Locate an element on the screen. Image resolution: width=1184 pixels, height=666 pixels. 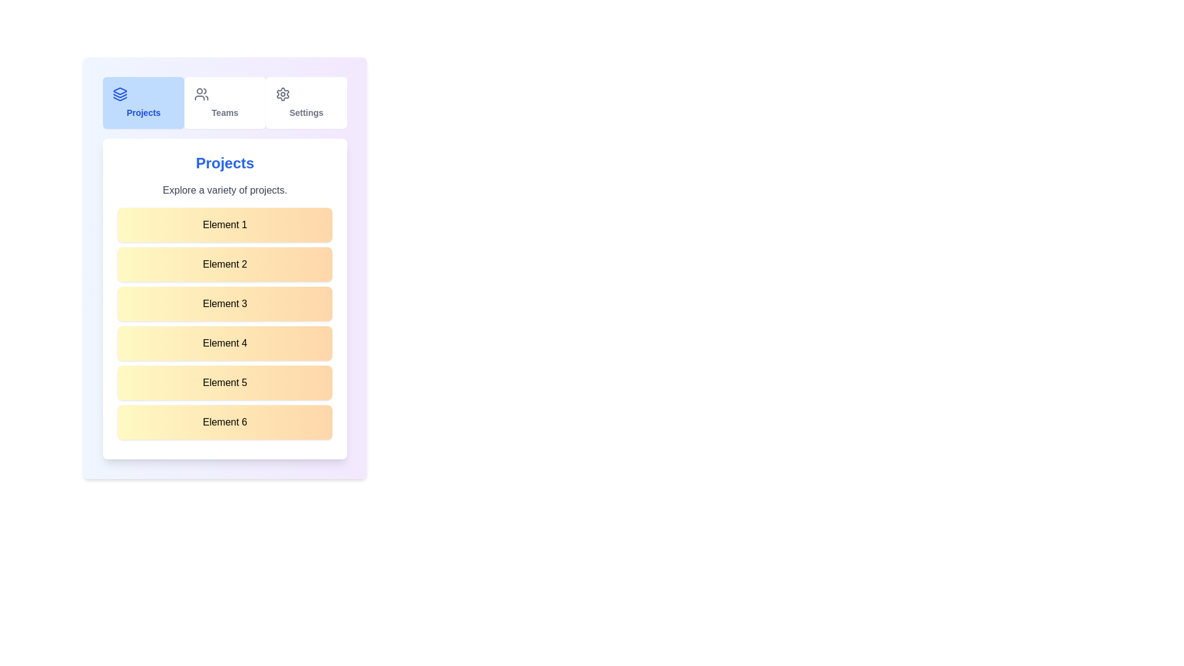
the list item labeled 'Element 1' is located at coordinates (224, 225).